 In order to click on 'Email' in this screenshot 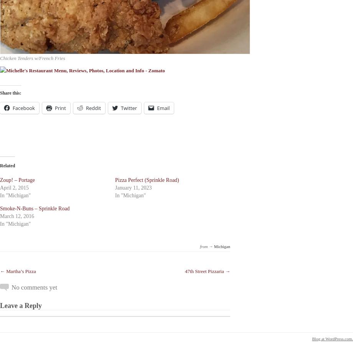, I will do `click(163, 107)`.